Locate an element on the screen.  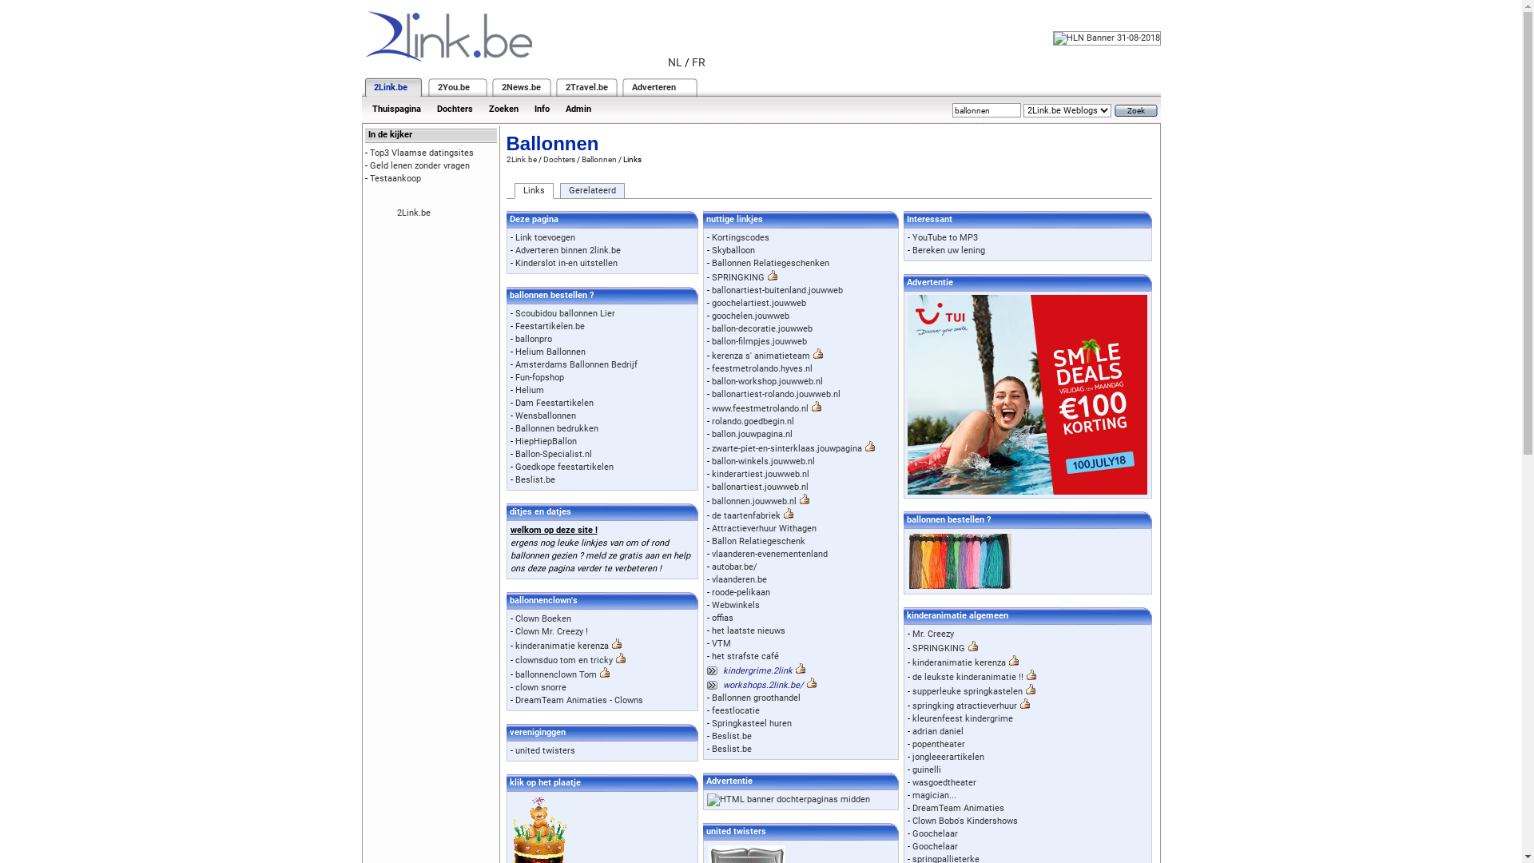
'DreamTeam Animaties - Clowns' is located at coordinates (578, 699).